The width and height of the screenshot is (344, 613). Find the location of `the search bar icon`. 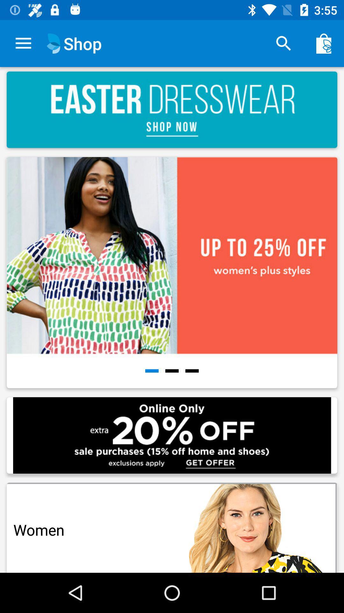

the search bar icon is located at coordinates (283, 43).